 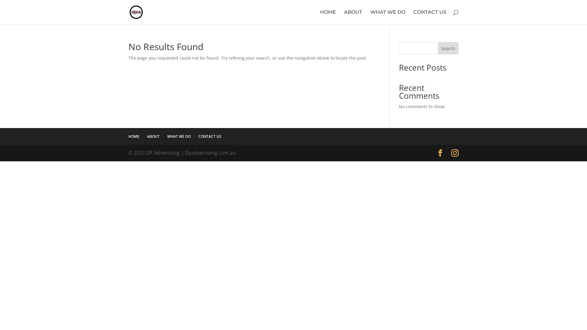 What do you see at coordinates (353, 17) in the screenshot?
I see `'ABOUT'` at bounding box center [353, 17].